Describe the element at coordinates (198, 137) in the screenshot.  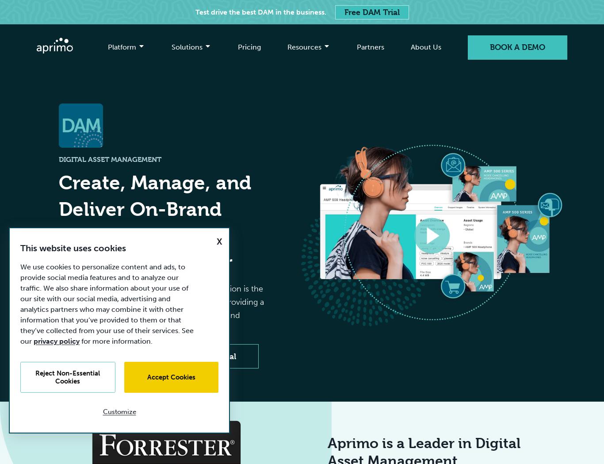
I see `'Manage content planning, creation, and distribution all in one place to get on-brand, personalized customer experiences to market faster.'` at that location.